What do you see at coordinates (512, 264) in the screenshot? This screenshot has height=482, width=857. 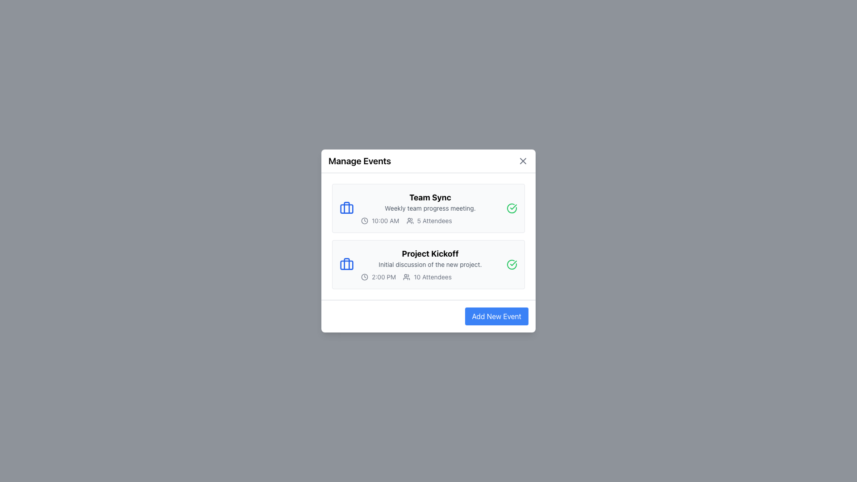 I see `the status indicator button located near the top-right corner of the 'Project Kickoff' event` at bounding box center [512, 264].